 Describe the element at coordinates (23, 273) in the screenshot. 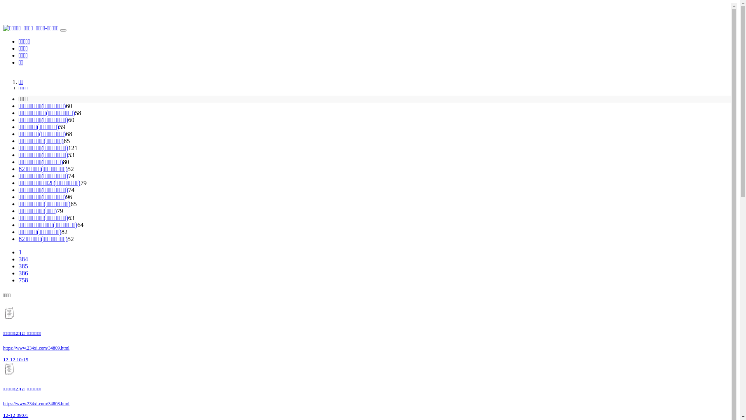

I see `'386'` at that location.